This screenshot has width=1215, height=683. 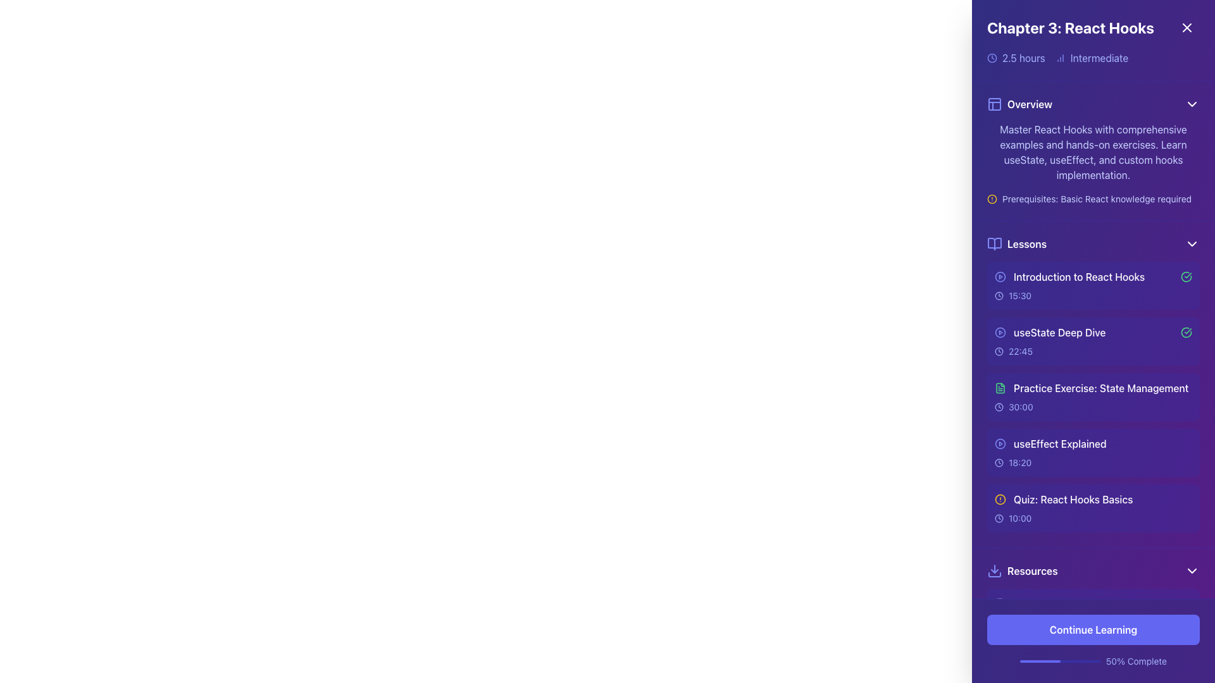 I want to click on text content that indicates the total duration required to complete the course or section associated with 'React Hooks', specifically the text '2.5 hours' located to the right of the clock icon in the right sidebar, so click(x=1023, y=58).